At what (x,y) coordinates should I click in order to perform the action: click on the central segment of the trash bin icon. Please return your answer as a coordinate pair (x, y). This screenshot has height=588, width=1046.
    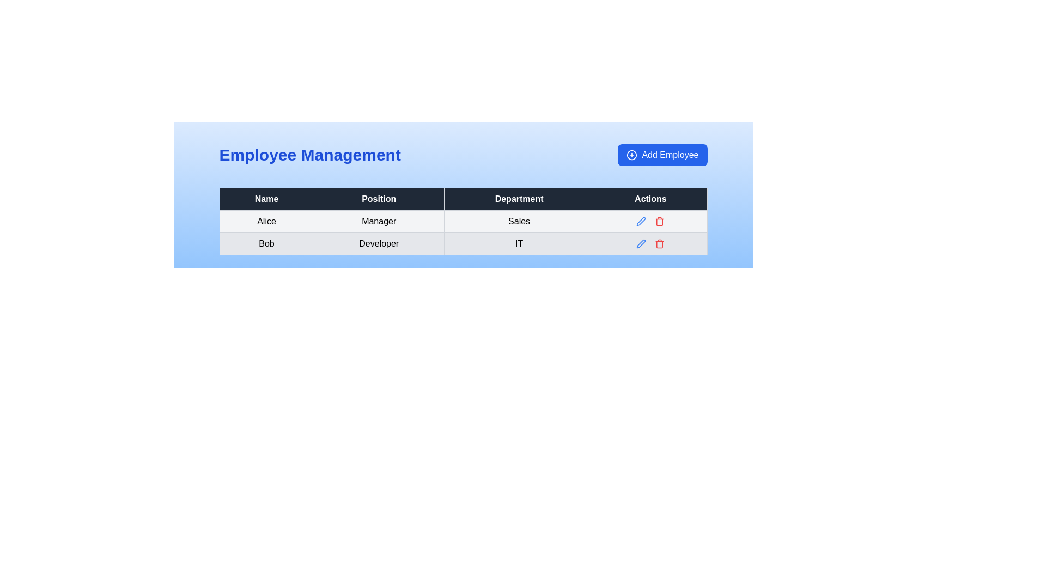
    Looking at the image, I should click on (659, 244).